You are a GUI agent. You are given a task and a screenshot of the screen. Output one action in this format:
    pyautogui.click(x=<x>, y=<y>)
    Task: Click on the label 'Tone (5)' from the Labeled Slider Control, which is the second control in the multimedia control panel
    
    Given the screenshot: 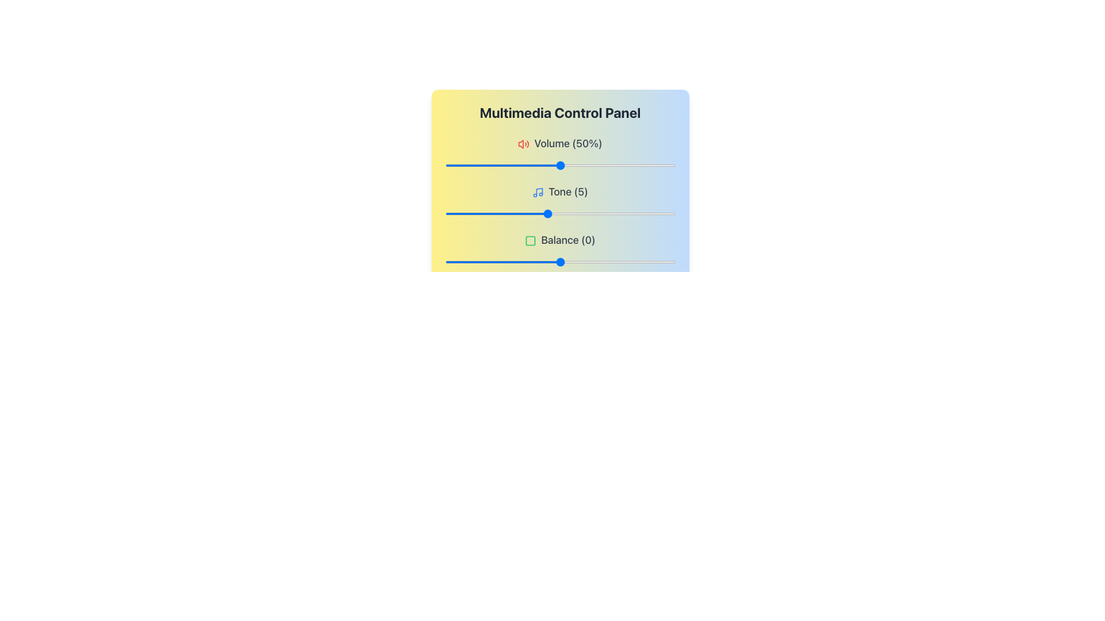 What is the action you would take?
    pyautogui.click(x=560, y=201)
    